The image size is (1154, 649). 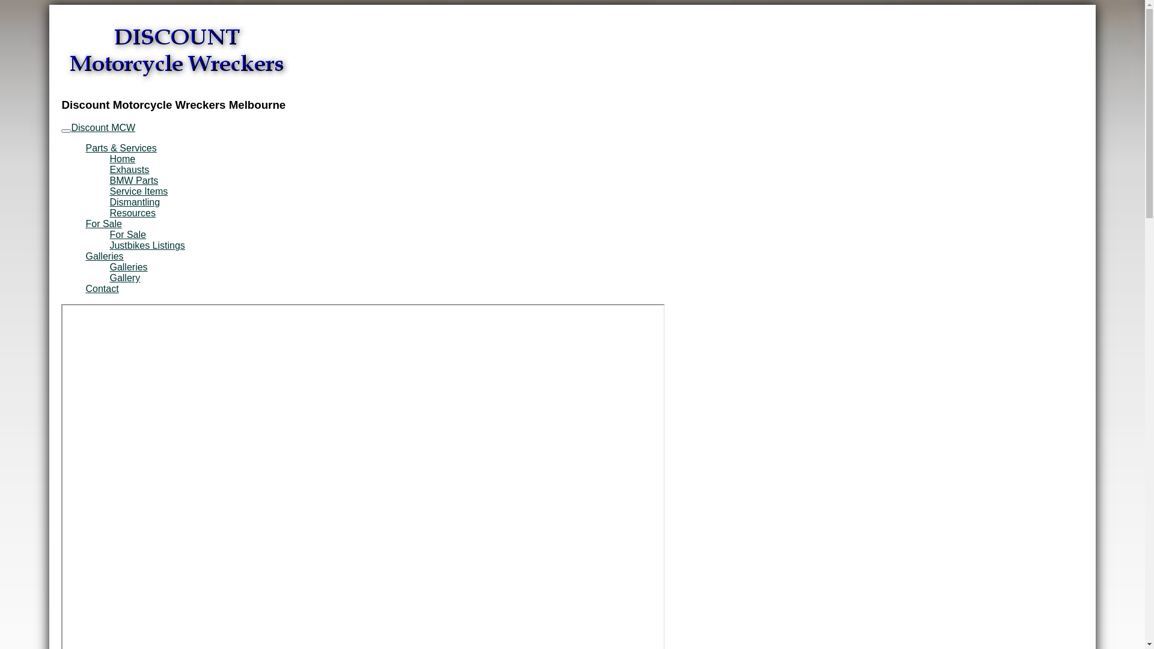 What do you see at coordinates (109, 212) in the screenshot?
I see `'Resources'` at bounding box center [109, 212].